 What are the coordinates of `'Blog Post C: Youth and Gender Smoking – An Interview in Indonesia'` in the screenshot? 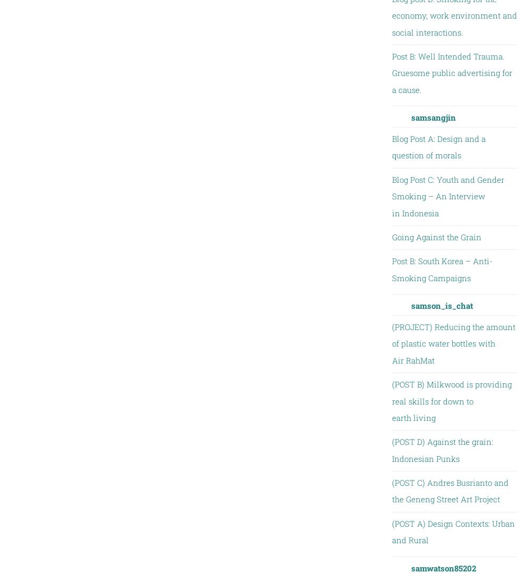 It's located at (447, 196).